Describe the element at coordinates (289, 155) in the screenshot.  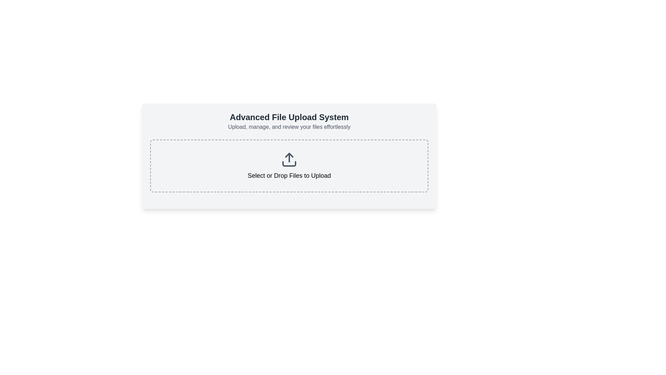
I see `the triangular upload icon made of dark lines, which is the top component of the upload symbol group` at that location.